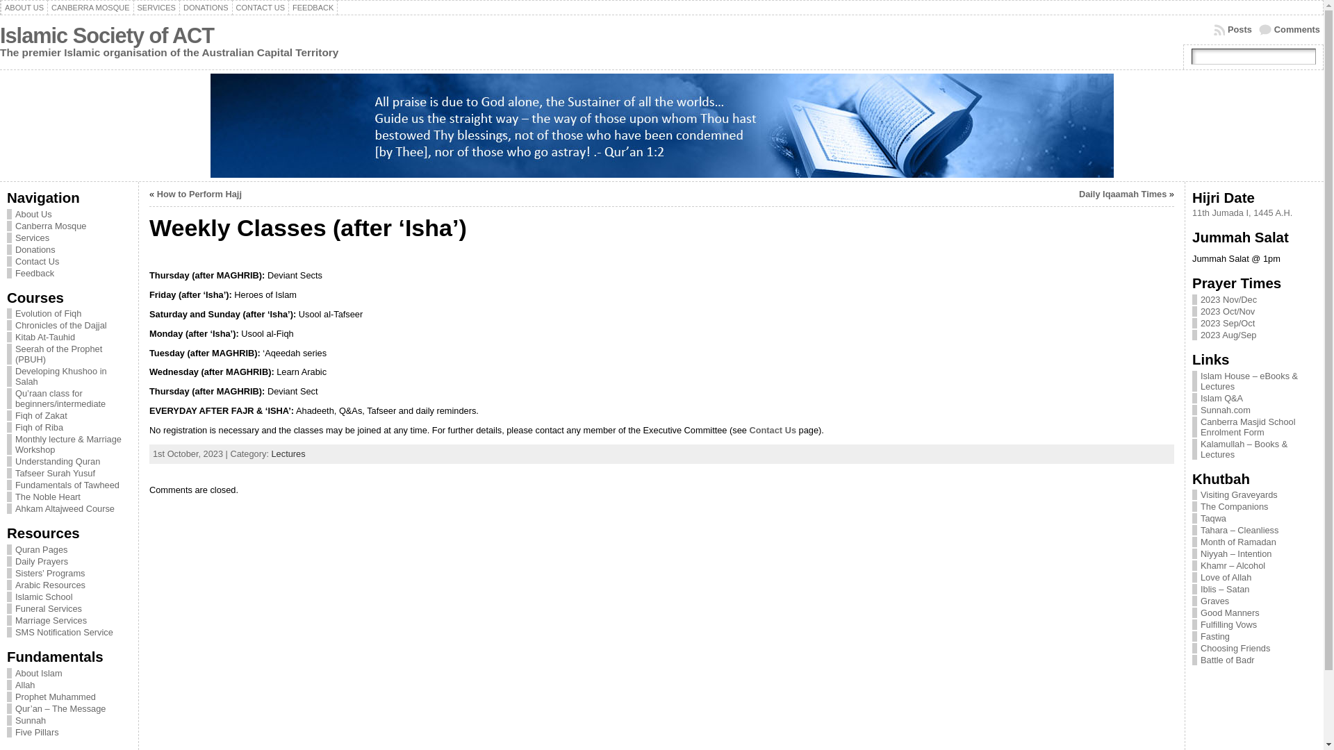 The width and height of the screenshot is (1334, 750). I want to click on '2023 Sep/Oct', so click(1227, 323).